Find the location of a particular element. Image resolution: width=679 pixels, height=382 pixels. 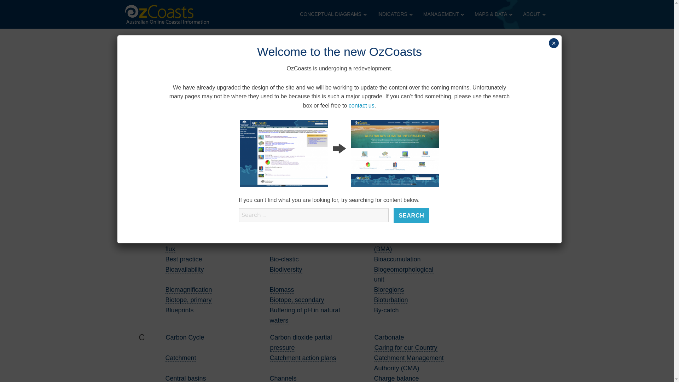

'Bioaccumulation' is located at coordinates (397, 259).